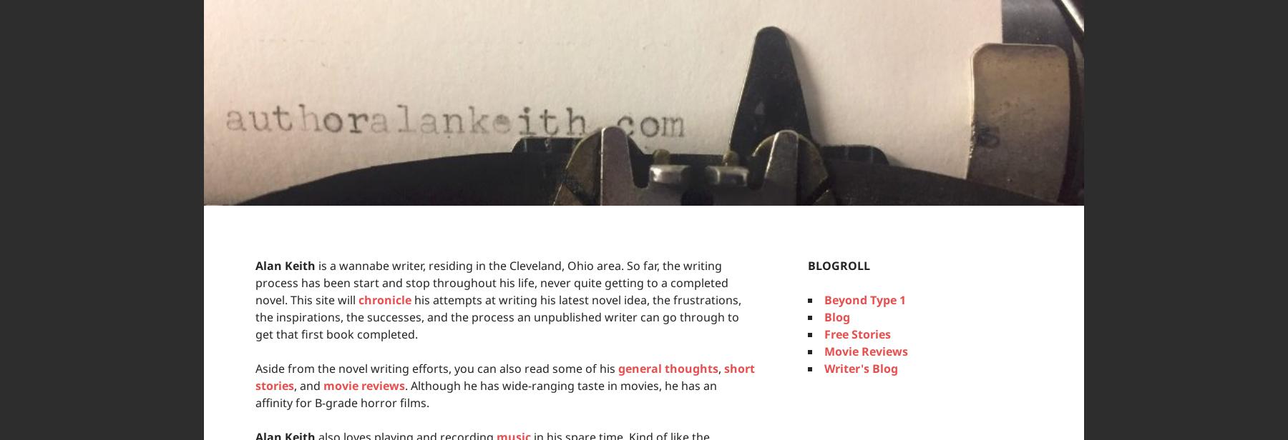 The image size is (1288, 440). I want to click on 'Movie Reviews', so click(865, 351).